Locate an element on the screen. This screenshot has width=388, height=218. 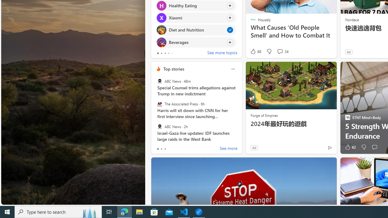
'See more topics' is located at coordinates (222, 53).